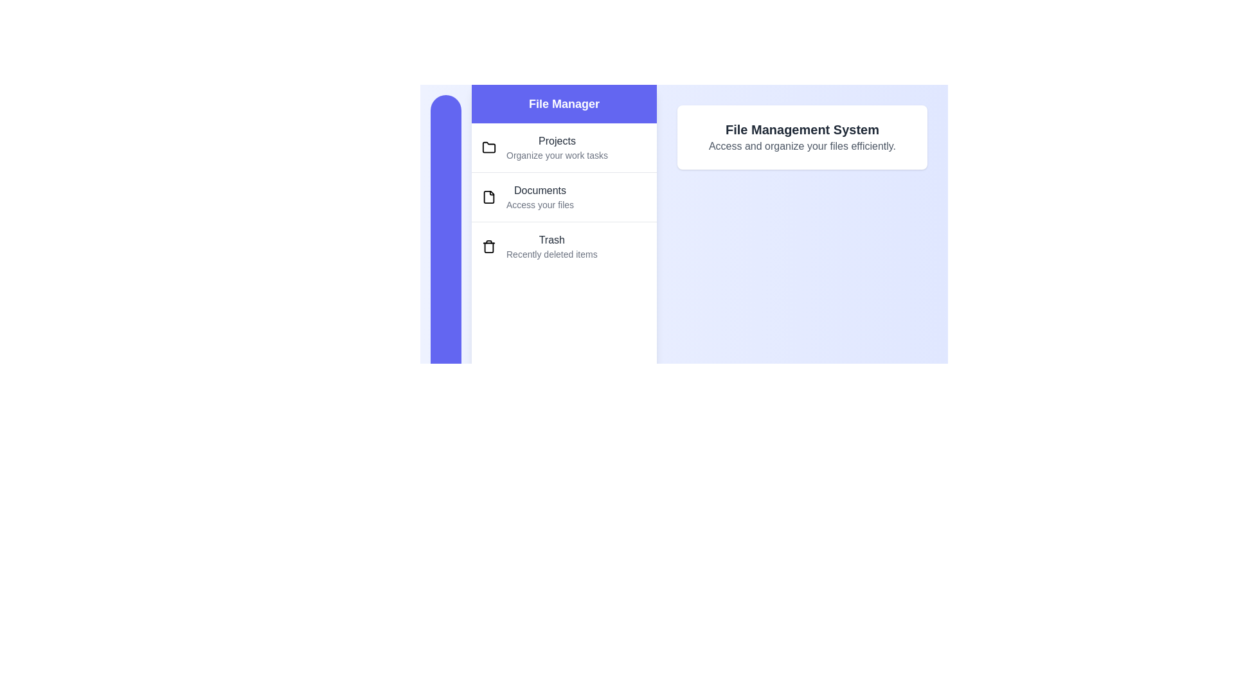 Image resolution: width=1234 pixels, height=694 pixels. I want to click on the Projects in the file manager list, so click(564, 147).